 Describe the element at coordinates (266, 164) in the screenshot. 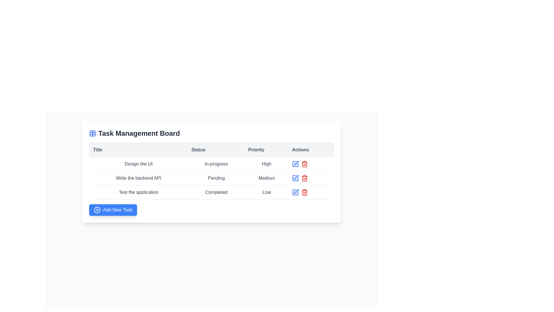

I see `the 'High' priority status text label located in the first row of the task table, between the 'In-progress' status and the actions` at that location.